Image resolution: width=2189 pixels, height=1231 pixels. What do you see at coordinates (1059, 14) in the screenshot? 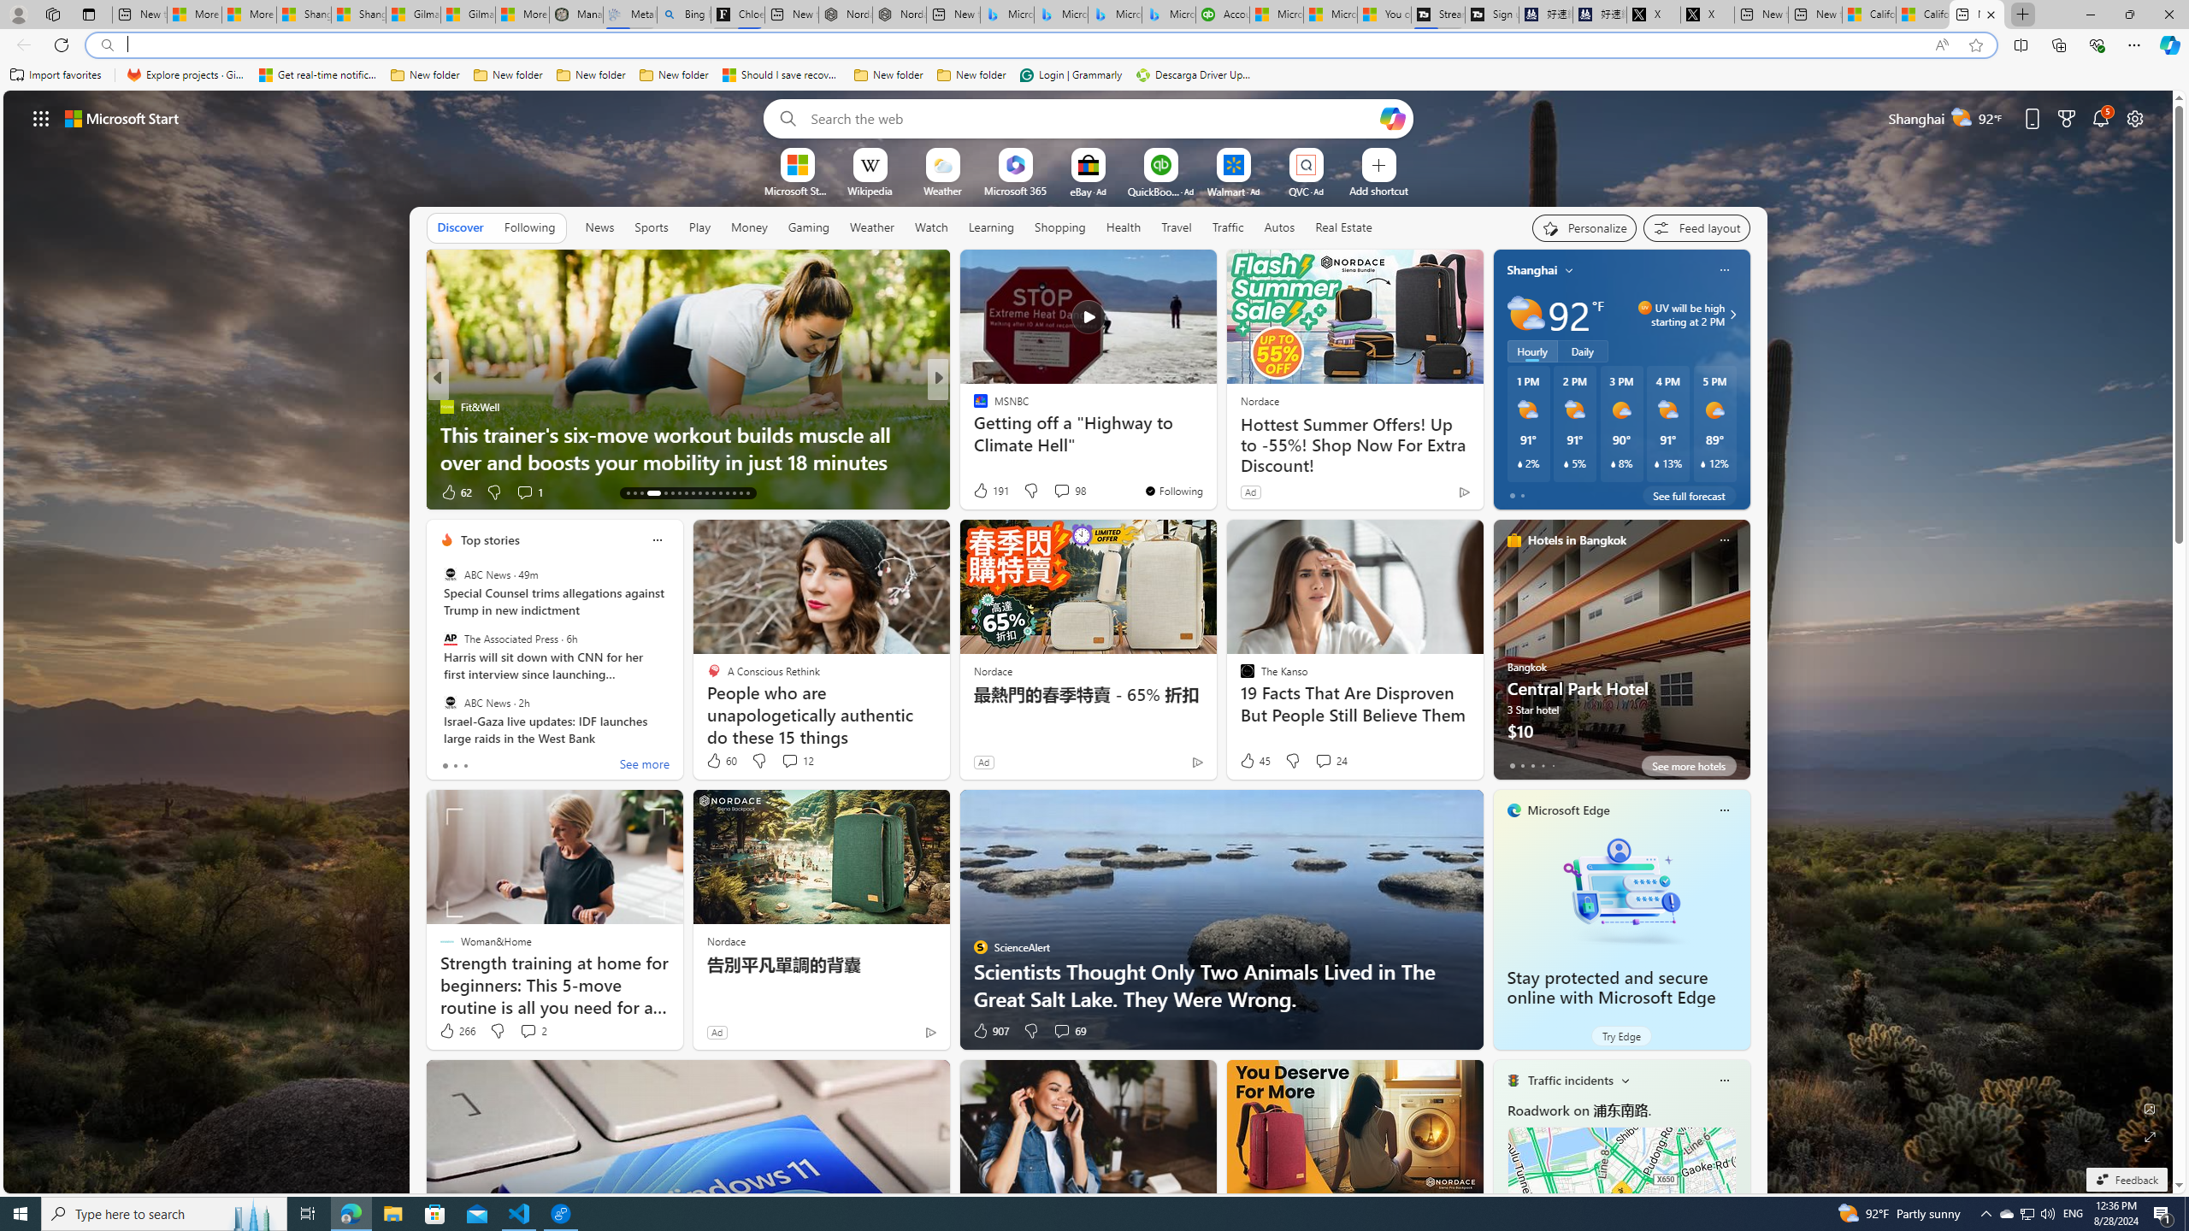
I see `'Microsoft Bing Travel - Stays in Bangkok, Bangkok, Thailand'` at bounding box center [1059, 14].